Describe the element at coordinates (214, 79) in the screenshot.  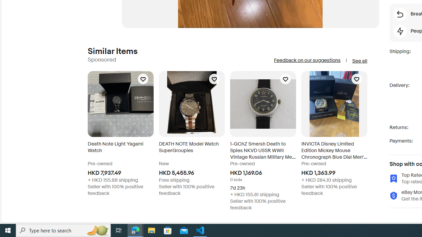
I see `'Add DEATH NOTE Model Watch SuperGroupies to your watch list'` at that location.